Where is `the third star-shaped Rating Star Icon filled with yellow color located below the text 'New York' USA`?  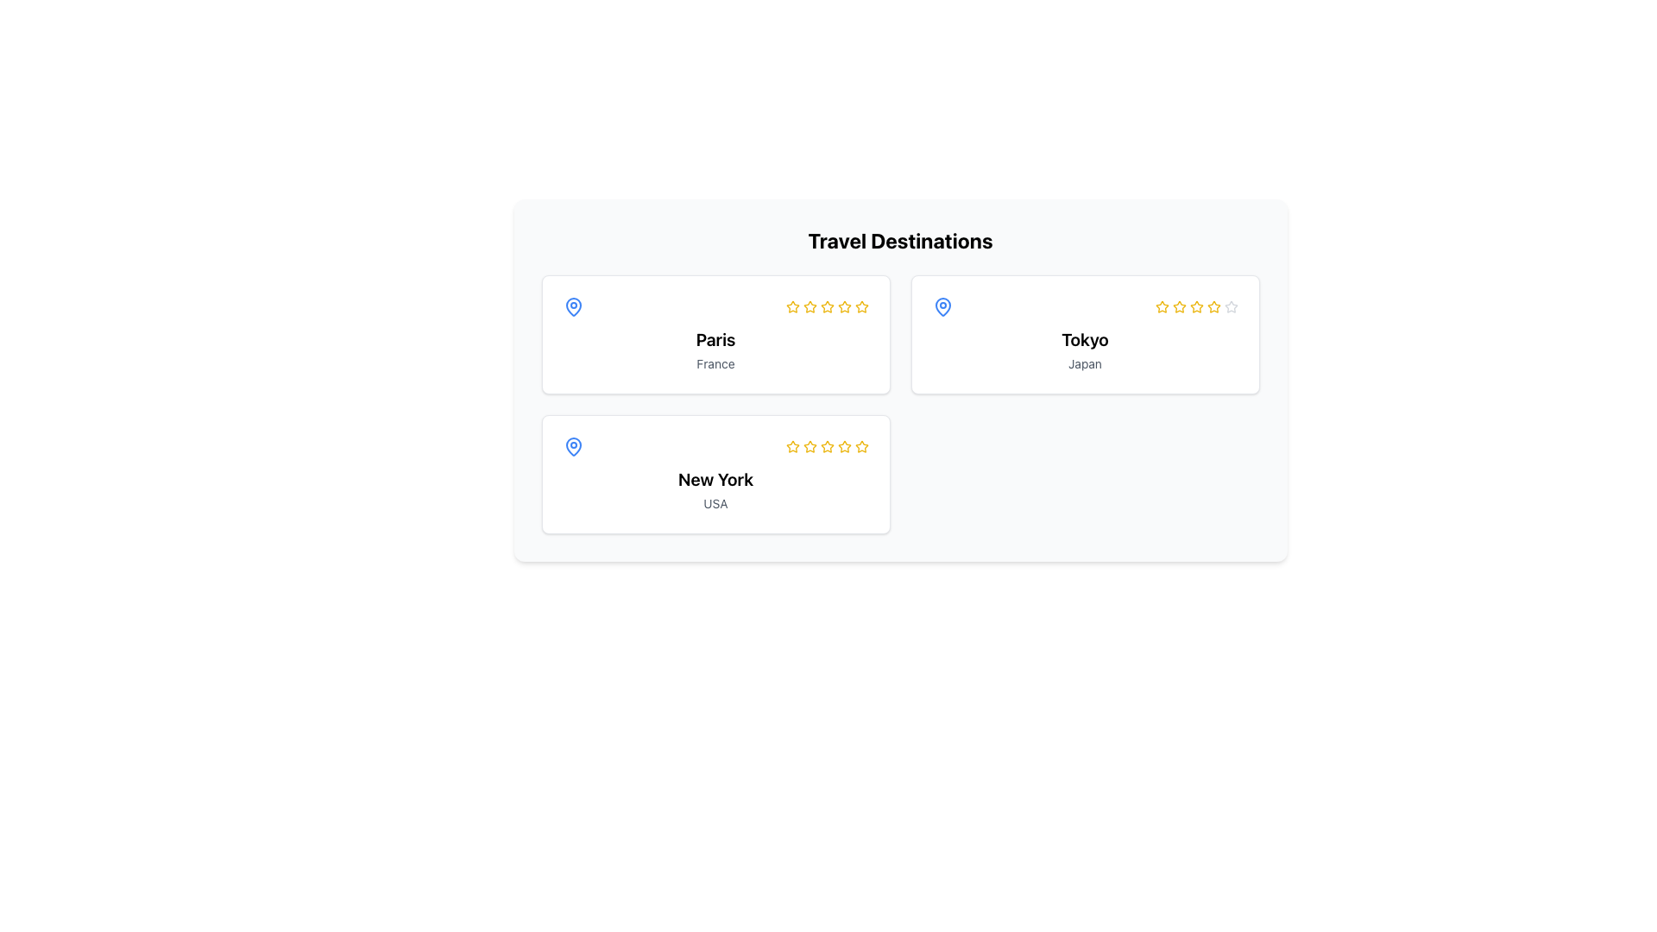 the third star-shaped Rating Star Icon filled with yellow color located below the text 'New York' USA is located at coordinates (826, 445).